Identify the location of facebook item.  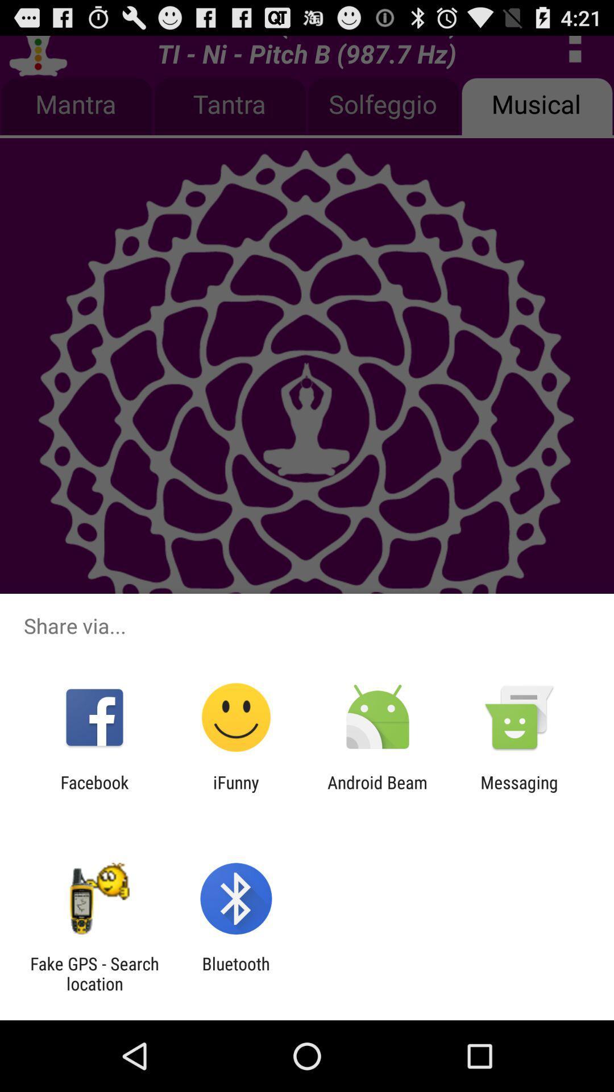
(94, 792).